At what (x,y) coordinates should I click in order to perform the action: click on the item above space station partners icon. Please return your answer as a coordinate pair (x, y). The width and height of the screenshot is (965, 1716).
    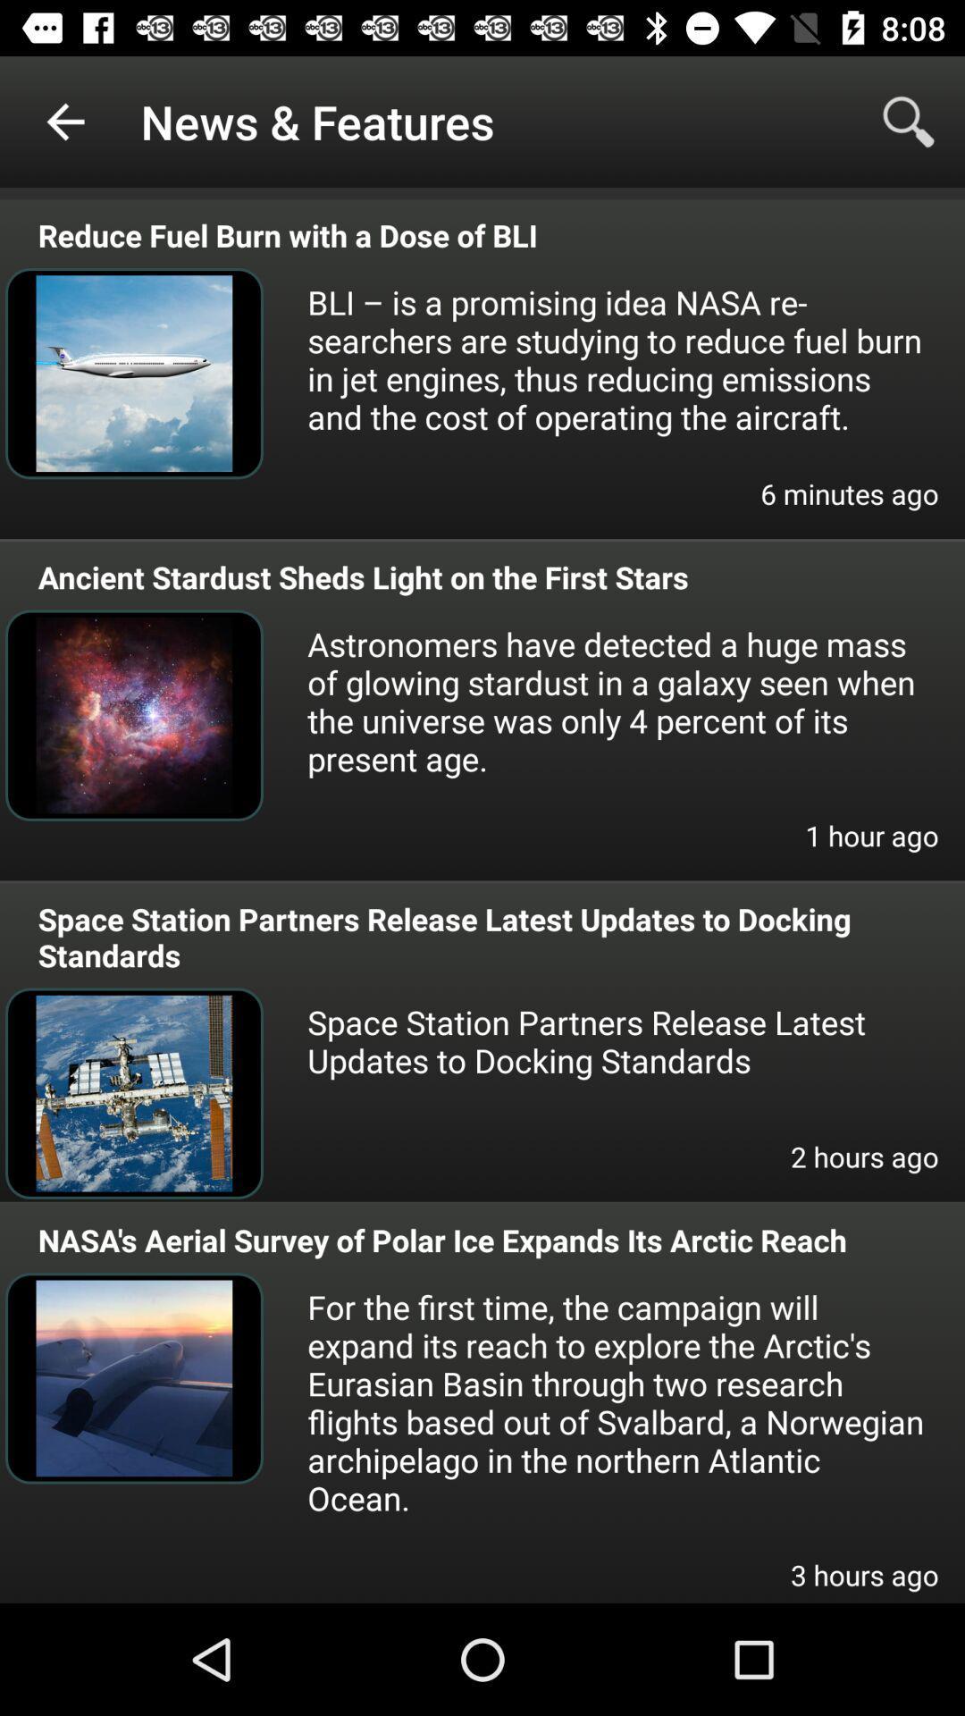
    Looking at the image, I should click on (871, 846).